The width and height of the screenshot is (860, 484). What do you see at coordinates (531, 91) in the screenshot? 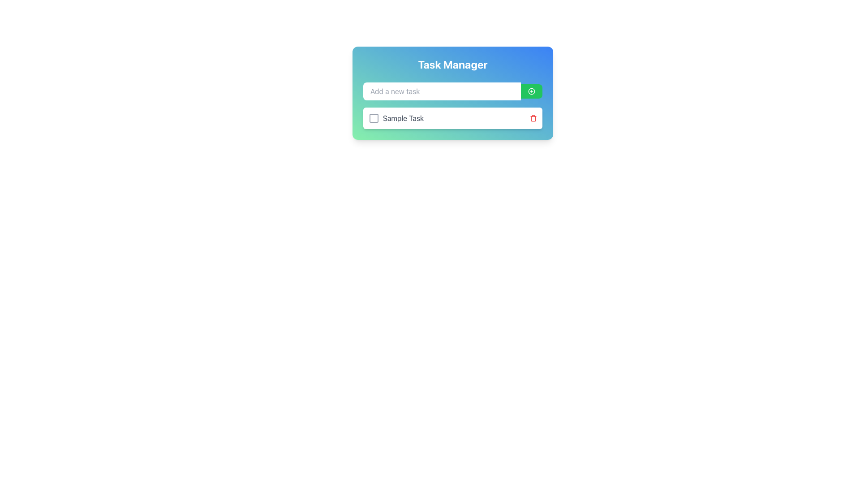
I see `the green circular icon with a plus sign located in the upper right corner of the green button to initiate adding a new task` at bounding box center [531, 91].